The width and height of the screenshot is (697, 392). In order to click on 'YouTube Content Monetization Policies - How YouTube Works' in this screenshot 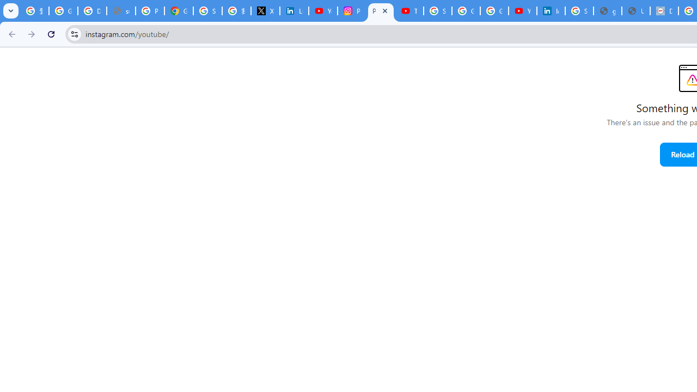, I will do `click(322, 11)`.